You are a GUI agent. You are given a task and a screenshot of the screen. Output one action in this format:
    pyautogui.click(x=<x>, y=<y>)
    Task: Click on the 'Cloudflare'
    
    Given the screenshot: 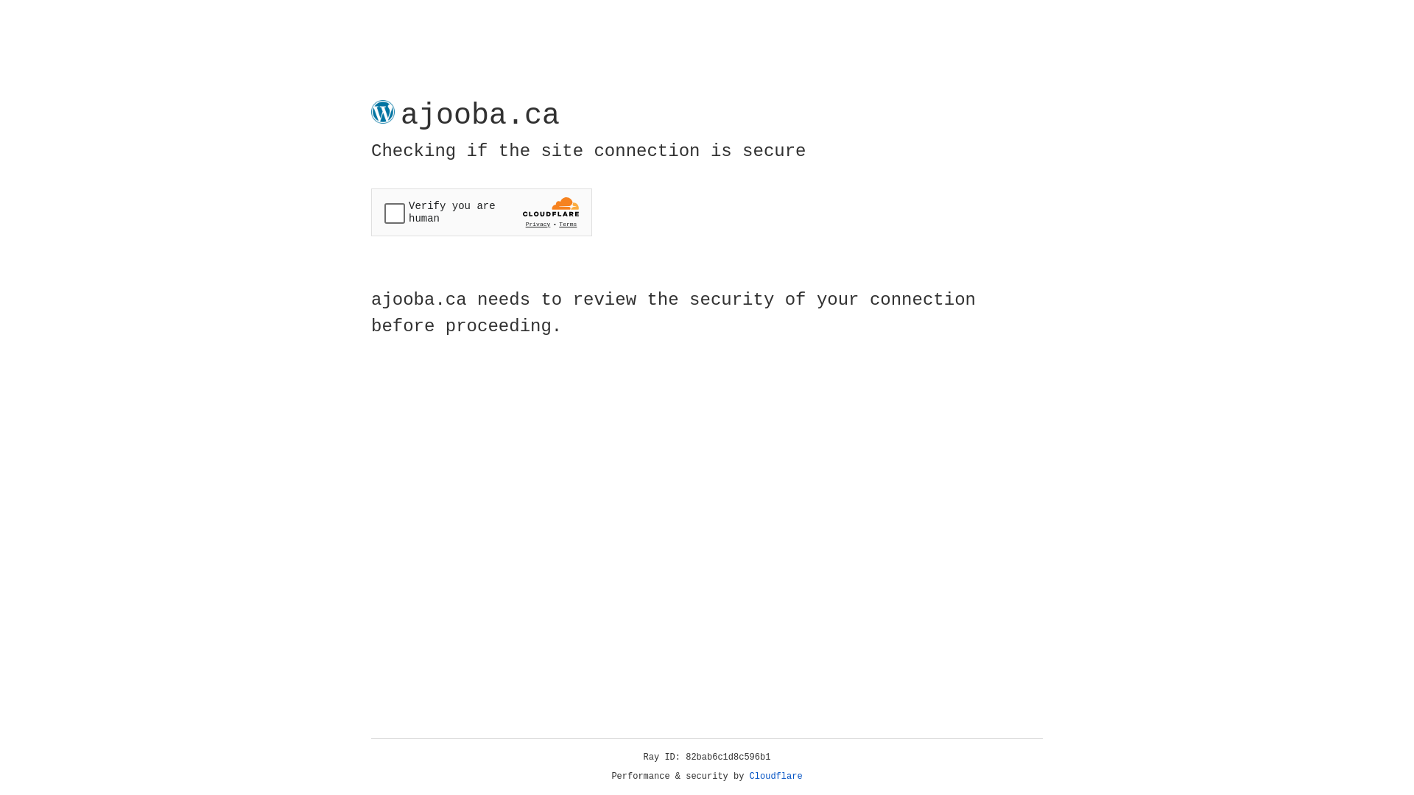 What is the action you would take?
    pyautogui.click(x=775, y=776)
    